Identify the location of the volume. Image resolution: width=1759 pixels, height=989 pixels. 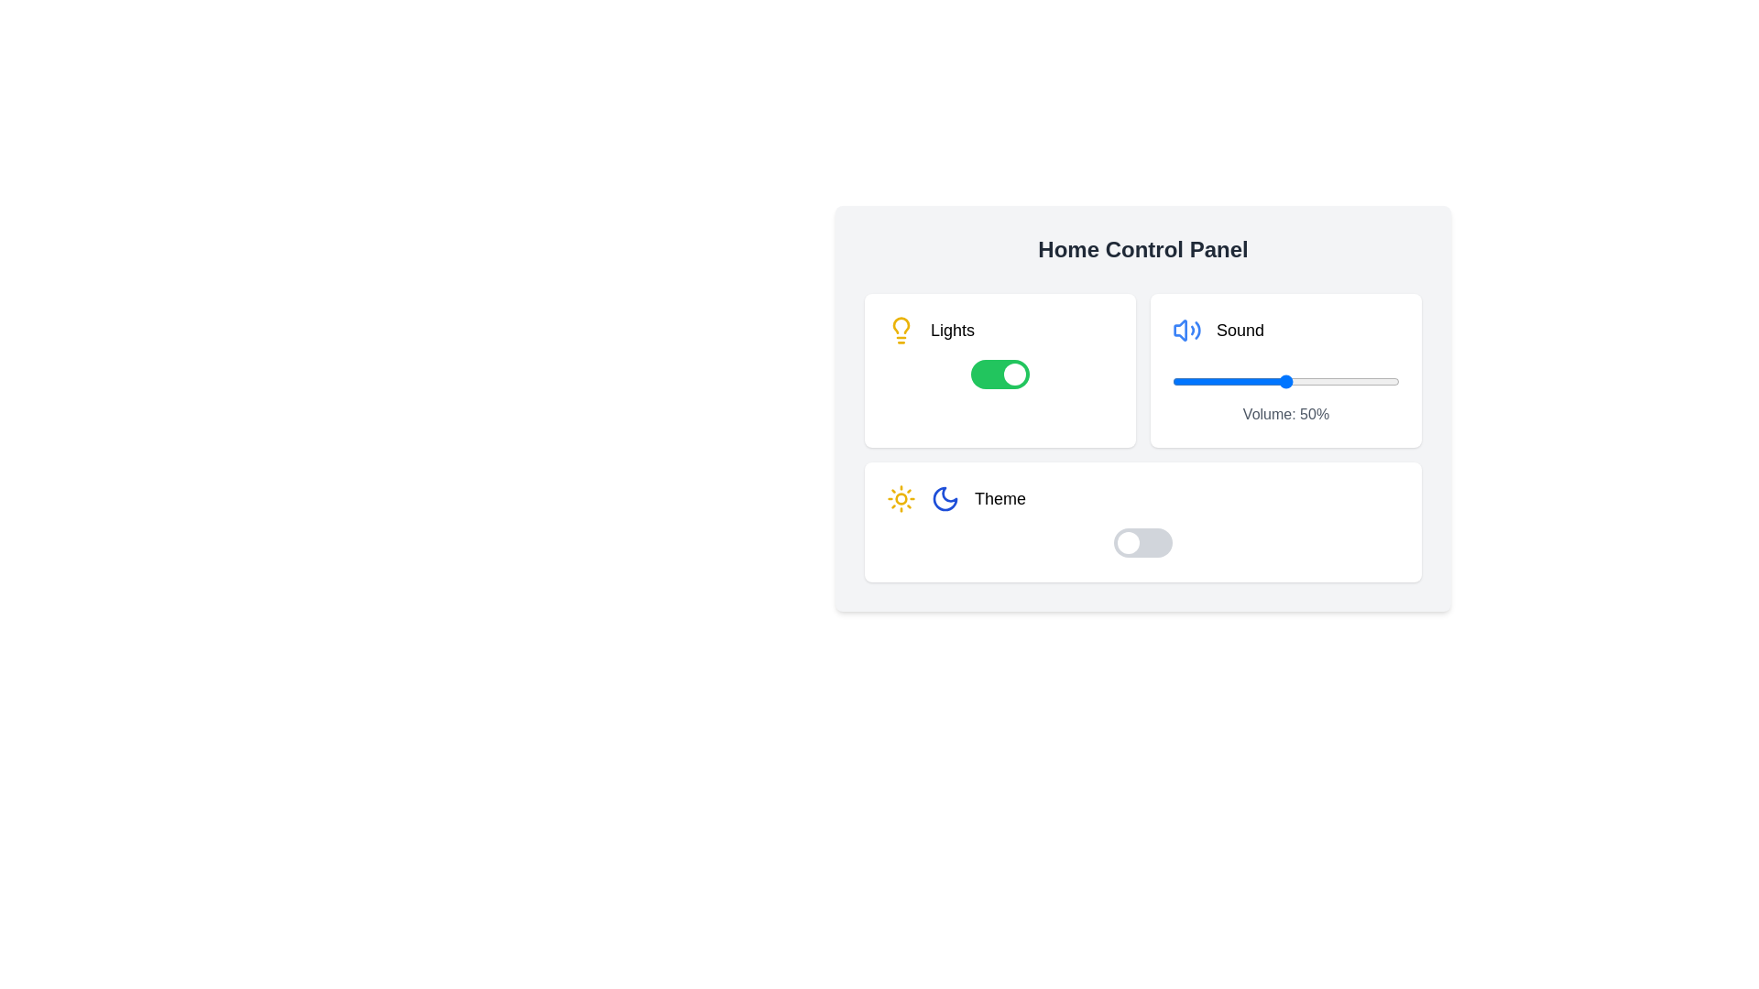
(1359, 380).